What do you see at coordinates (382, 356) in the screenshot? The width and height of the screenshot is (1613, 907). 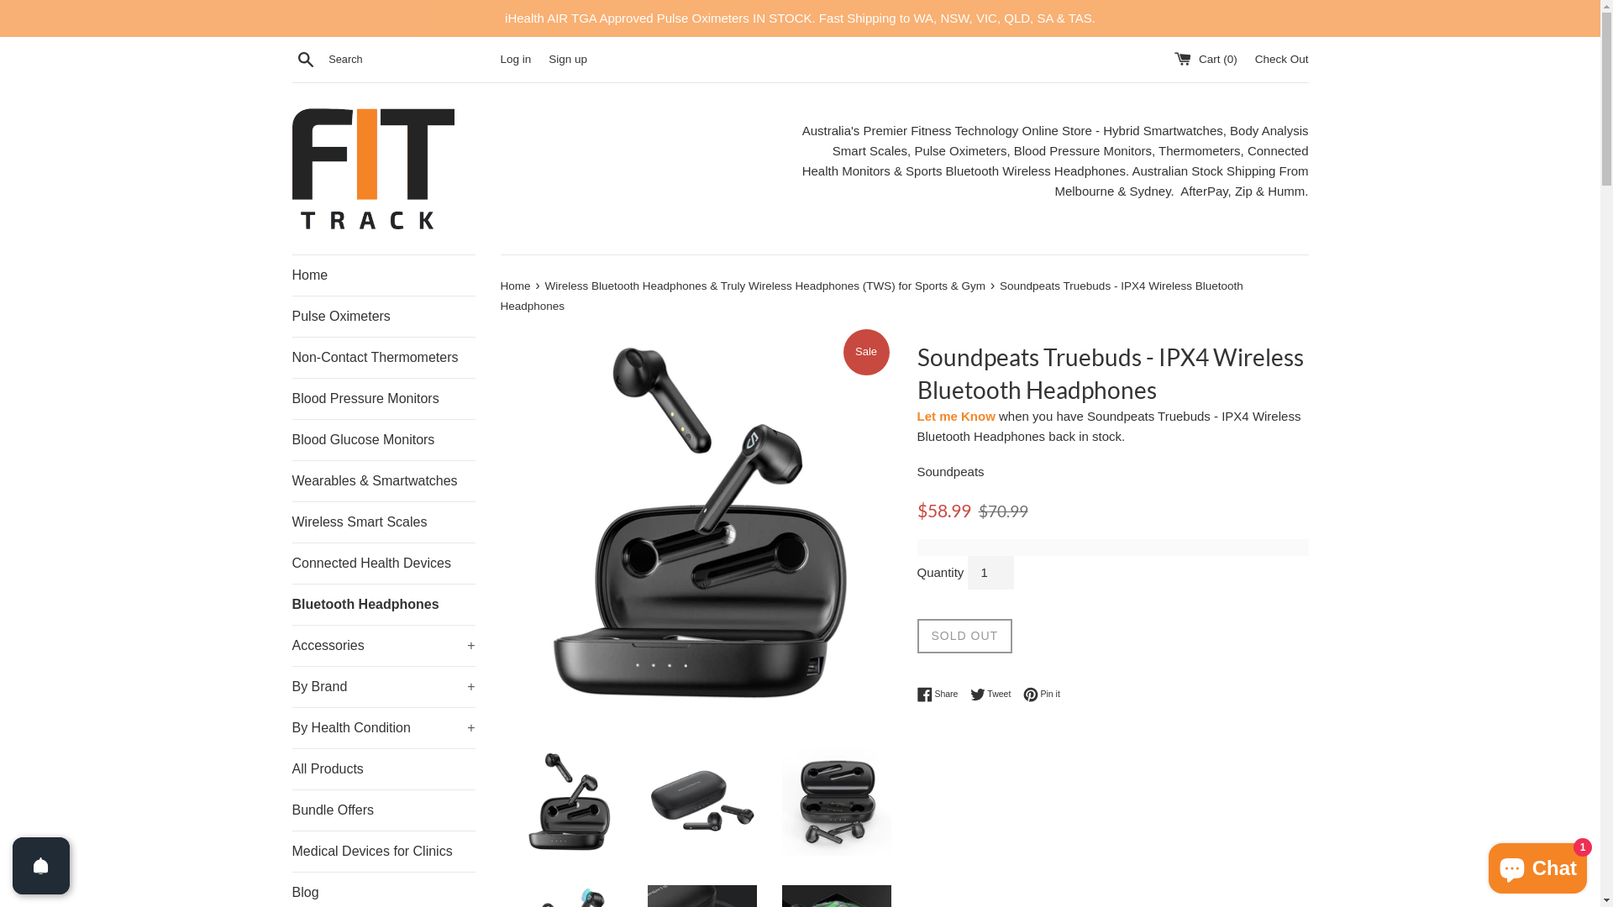 I see `'Non-Contact Thermometers'` at bounding box center [382, 356].